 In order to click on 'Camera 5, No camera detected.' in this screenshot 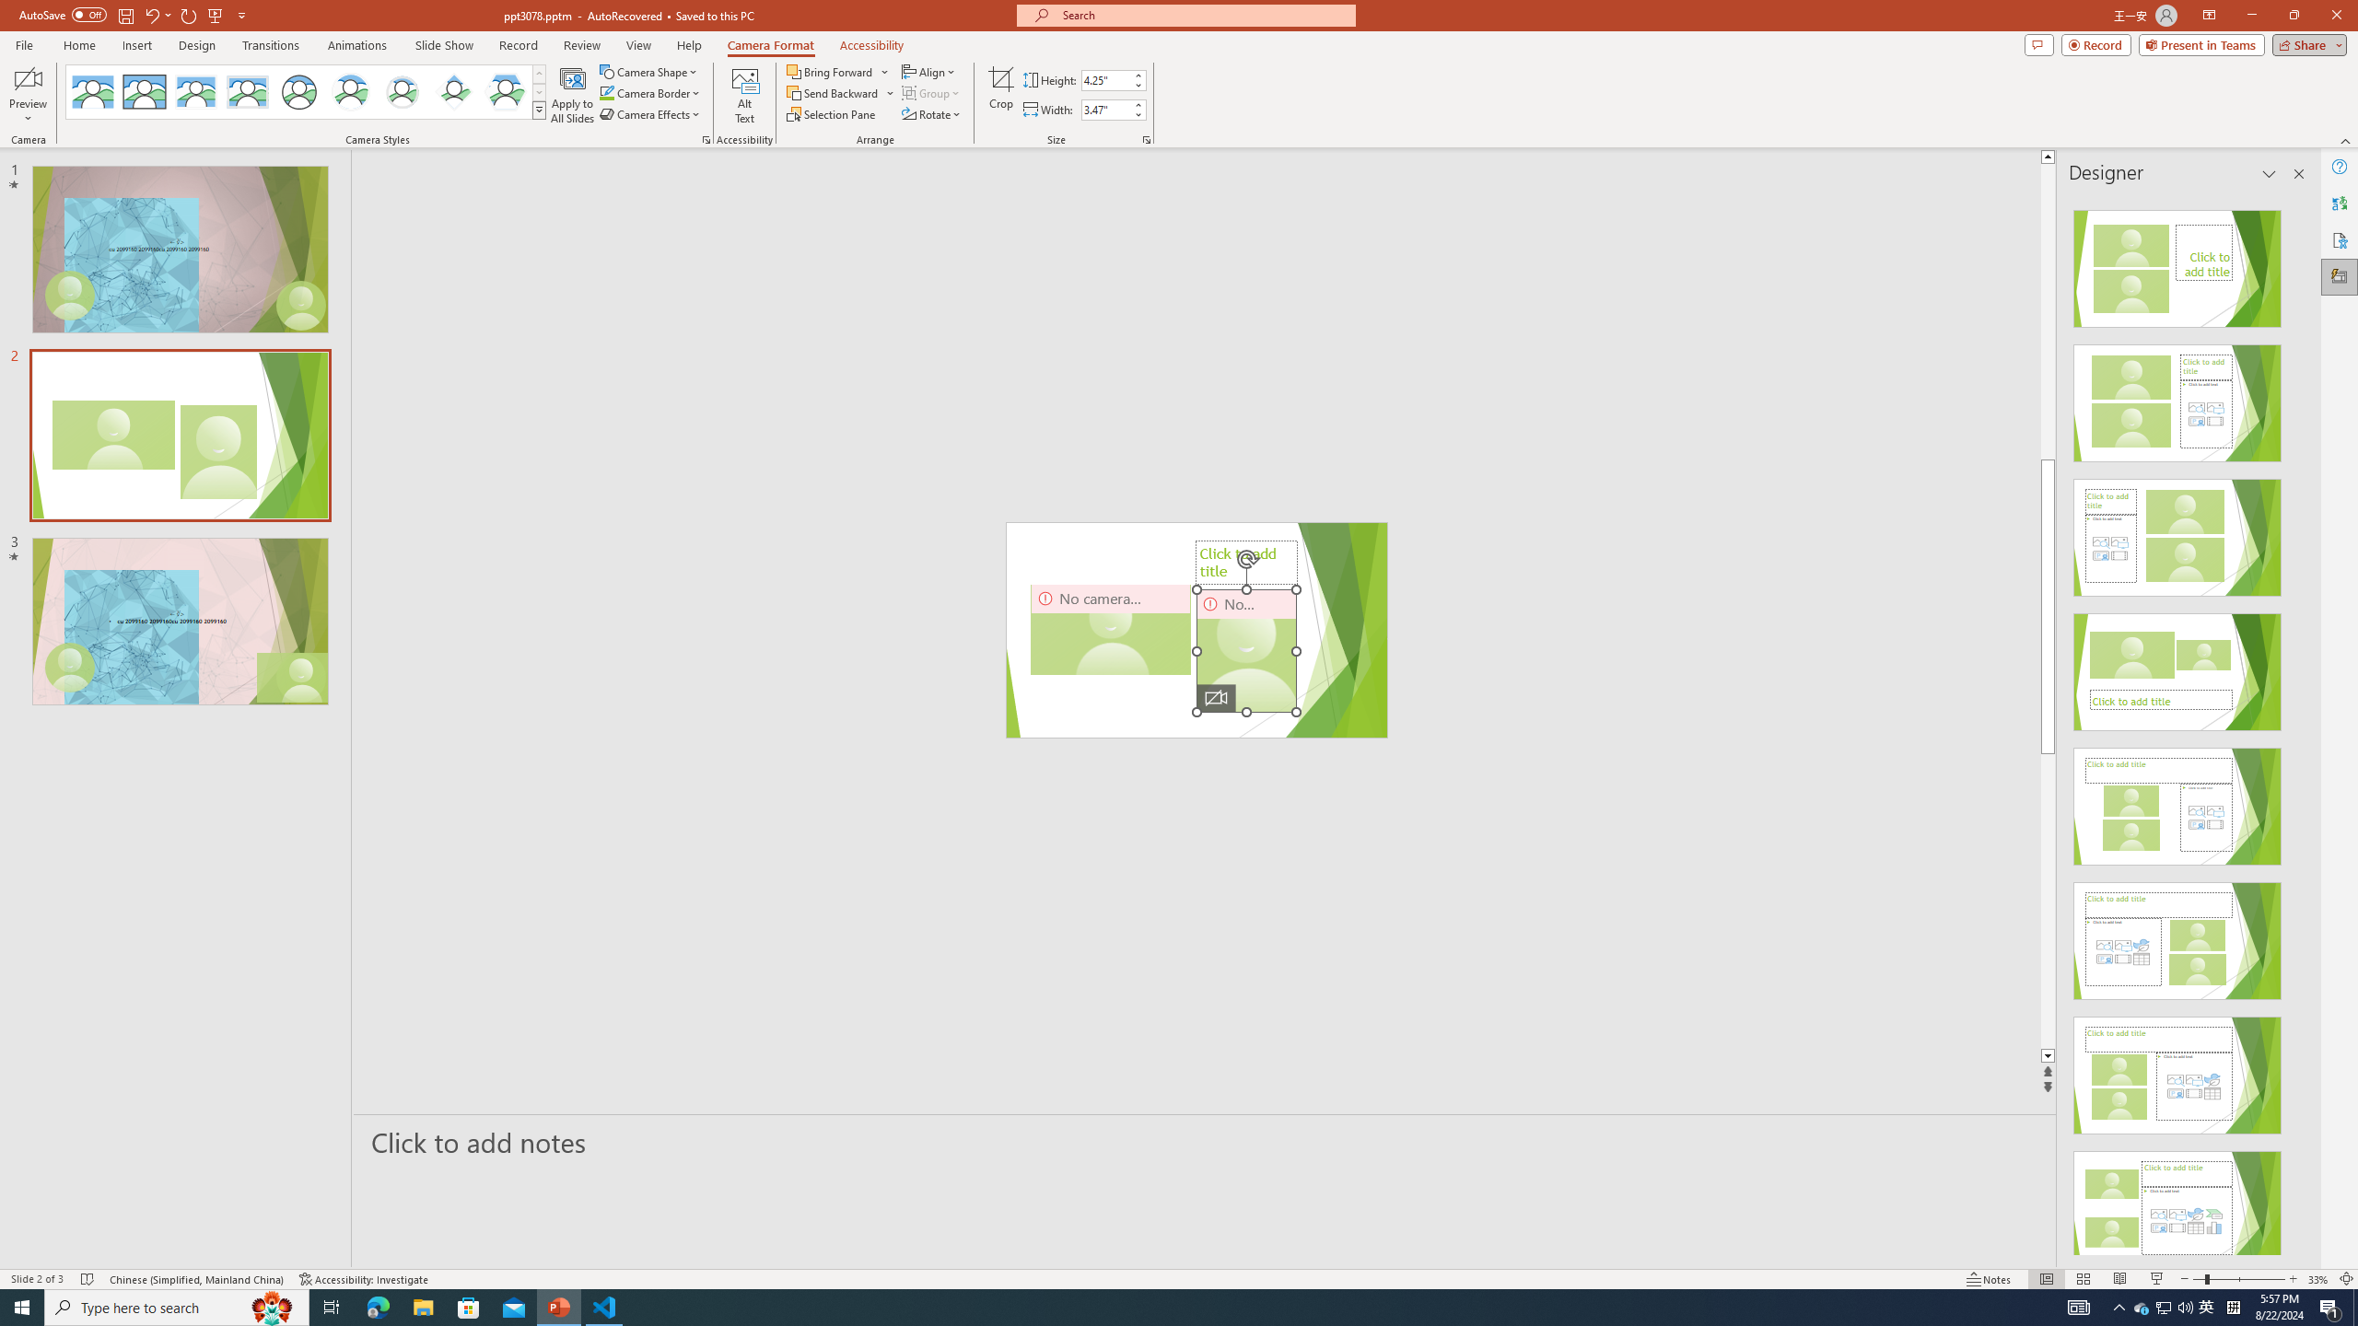, I will do `click(1246, 650)`.